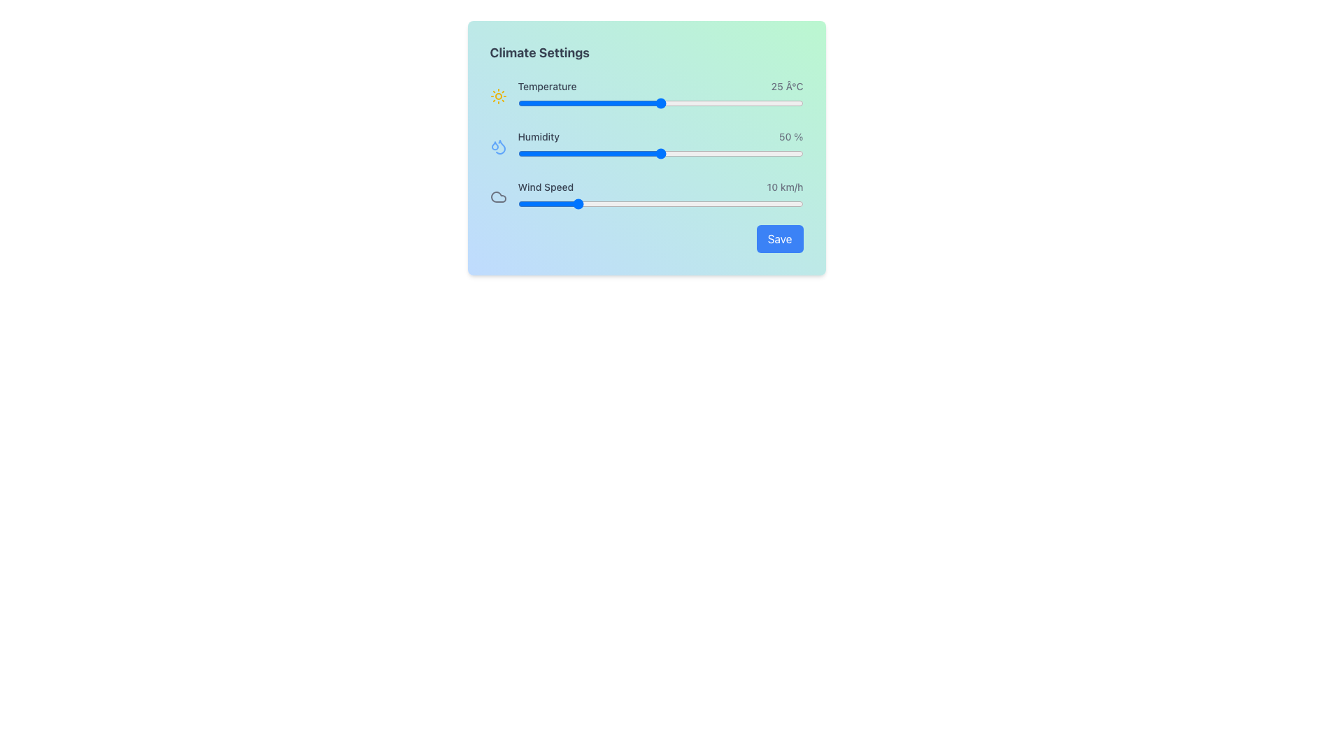  I want to click on the slider, so click(654, 102).